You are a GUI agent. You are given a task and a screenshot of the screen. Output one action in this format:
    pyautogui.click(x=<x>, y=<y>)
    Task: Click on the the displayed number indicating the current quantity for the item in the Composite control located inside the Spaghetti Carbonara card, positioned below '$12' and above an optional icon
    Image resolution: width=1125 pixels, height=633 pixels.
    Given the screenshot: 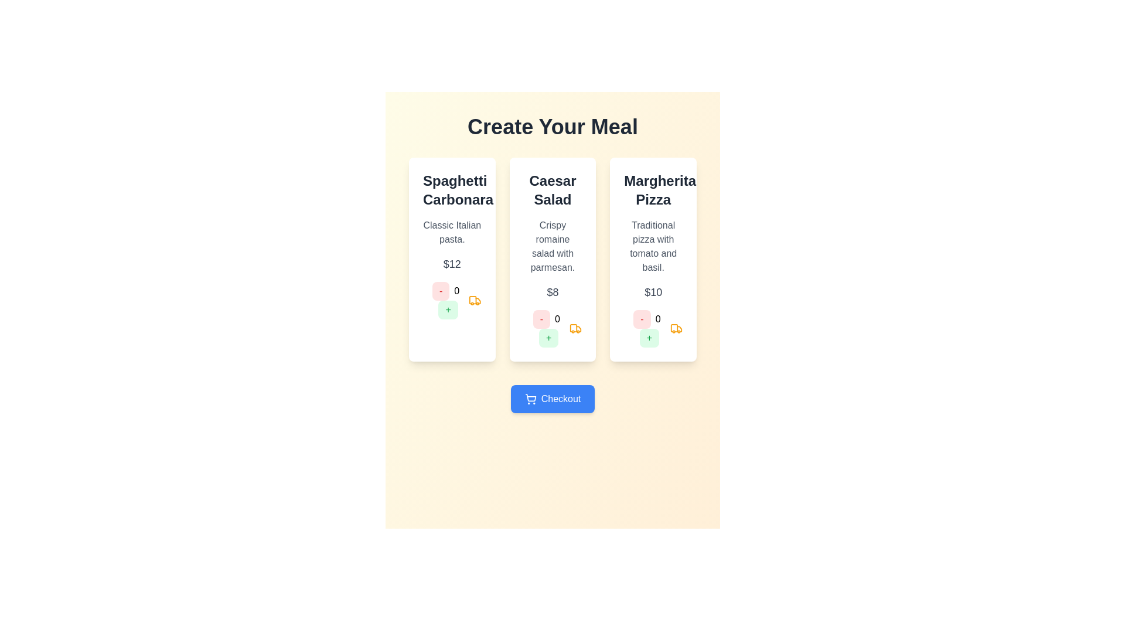 What is the action you would take?
    pyautogui.click(x=445, y=300)
    